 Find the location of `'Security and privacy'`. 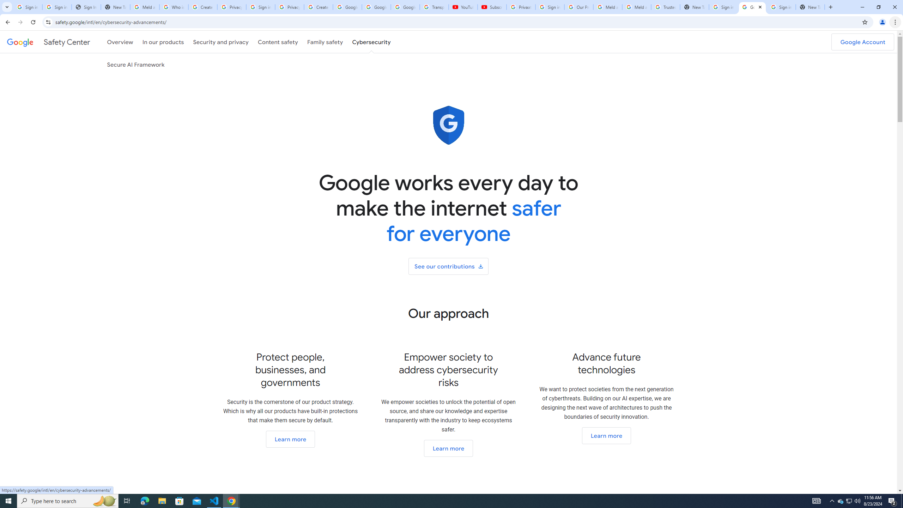

'Security and privacy' is located at coordinates (221, 42).